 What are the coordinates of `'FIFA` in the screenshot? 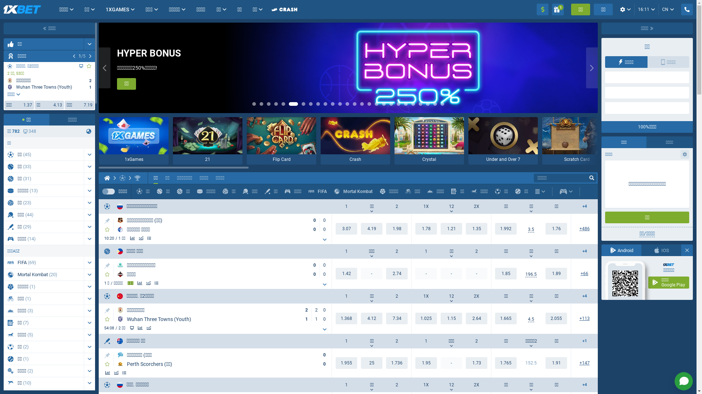 It's located at (3, 263).